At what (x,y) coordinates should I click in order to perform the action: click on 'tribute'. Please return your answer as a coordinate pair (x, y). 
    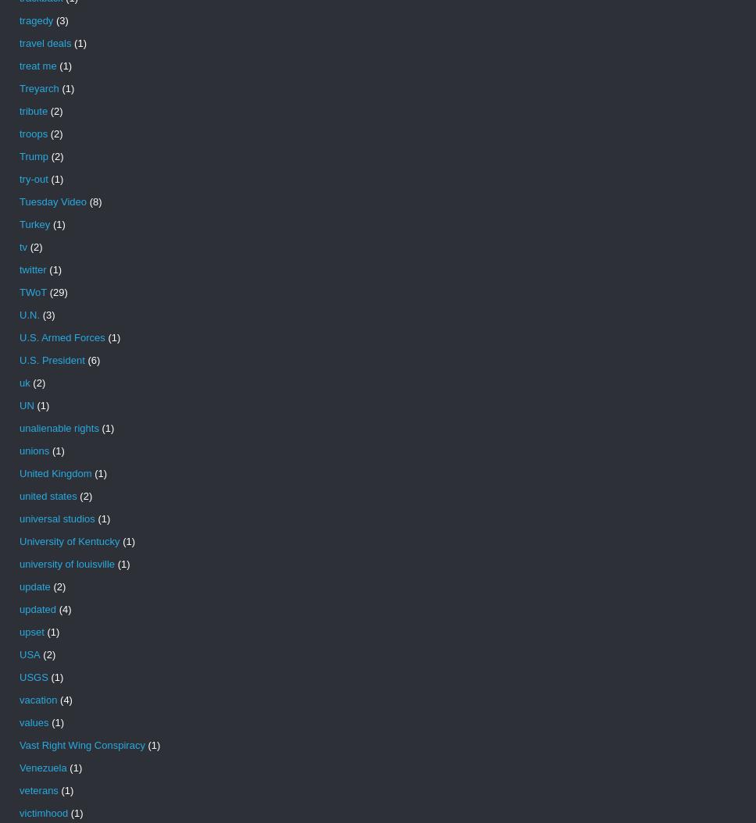
    Looking at the image, I should click on (32, 111).